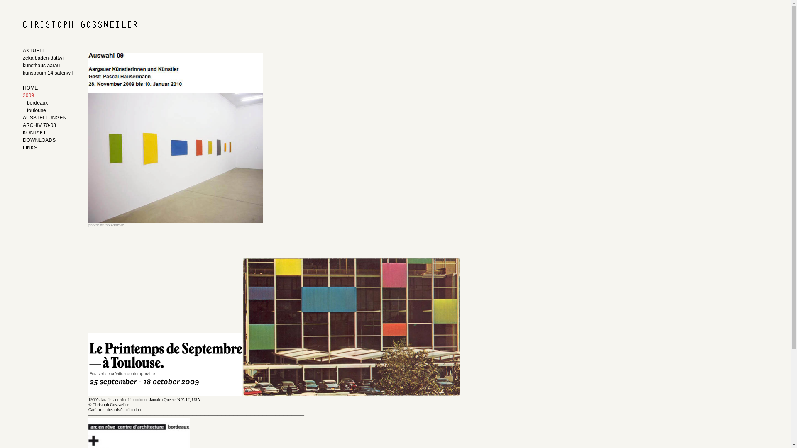 This screenshot has width=797, height=448. What do you see at coordinates (43, 140) in the screenshot?
I see `'DOWNLOADS'` at bounding box center [43, 140].